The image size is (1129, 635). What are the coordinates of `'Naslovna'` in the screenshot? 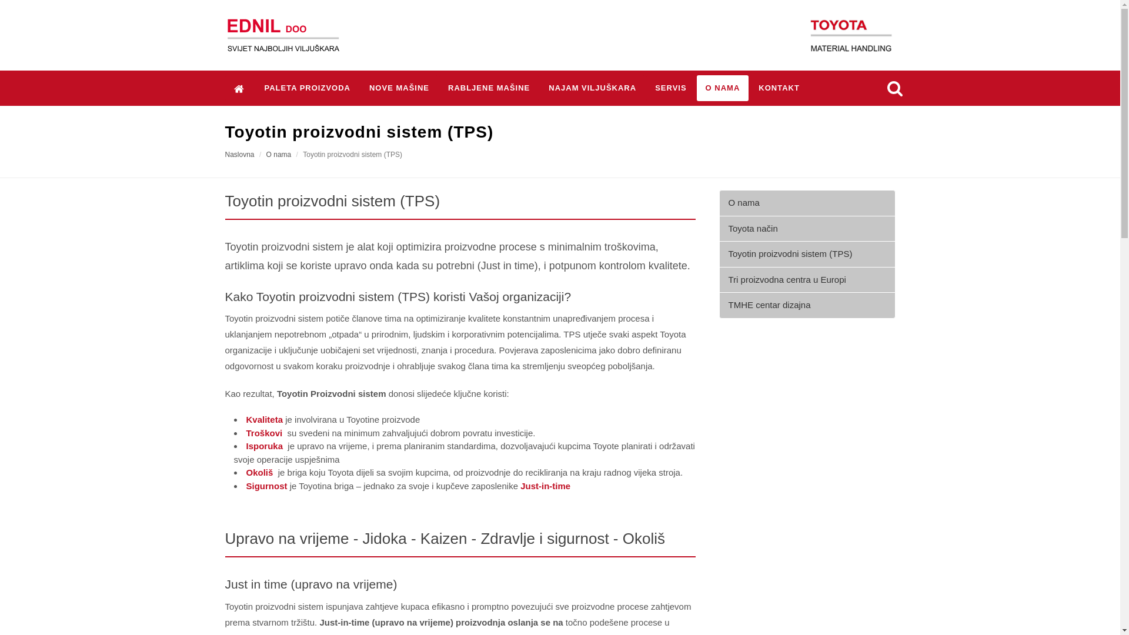 It's located at (225, 153).